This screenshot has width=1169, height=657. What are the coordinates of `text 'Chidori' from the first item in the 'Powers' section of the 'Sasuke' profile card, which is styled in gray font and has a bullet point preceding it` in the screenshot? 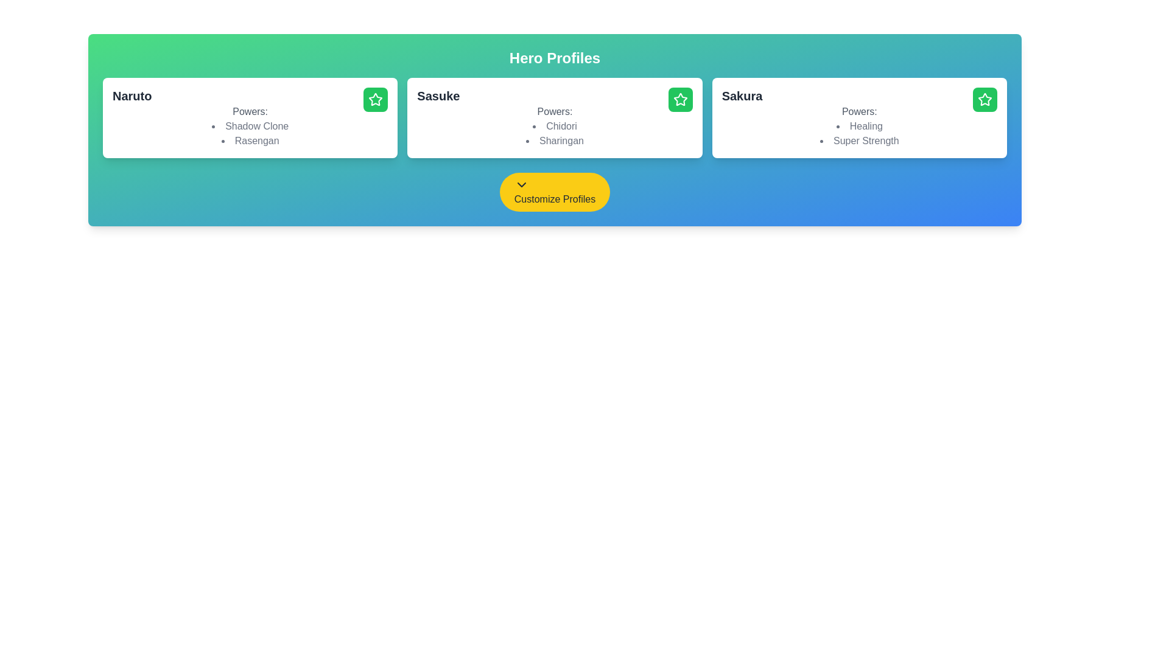 It's located at (554, 127).